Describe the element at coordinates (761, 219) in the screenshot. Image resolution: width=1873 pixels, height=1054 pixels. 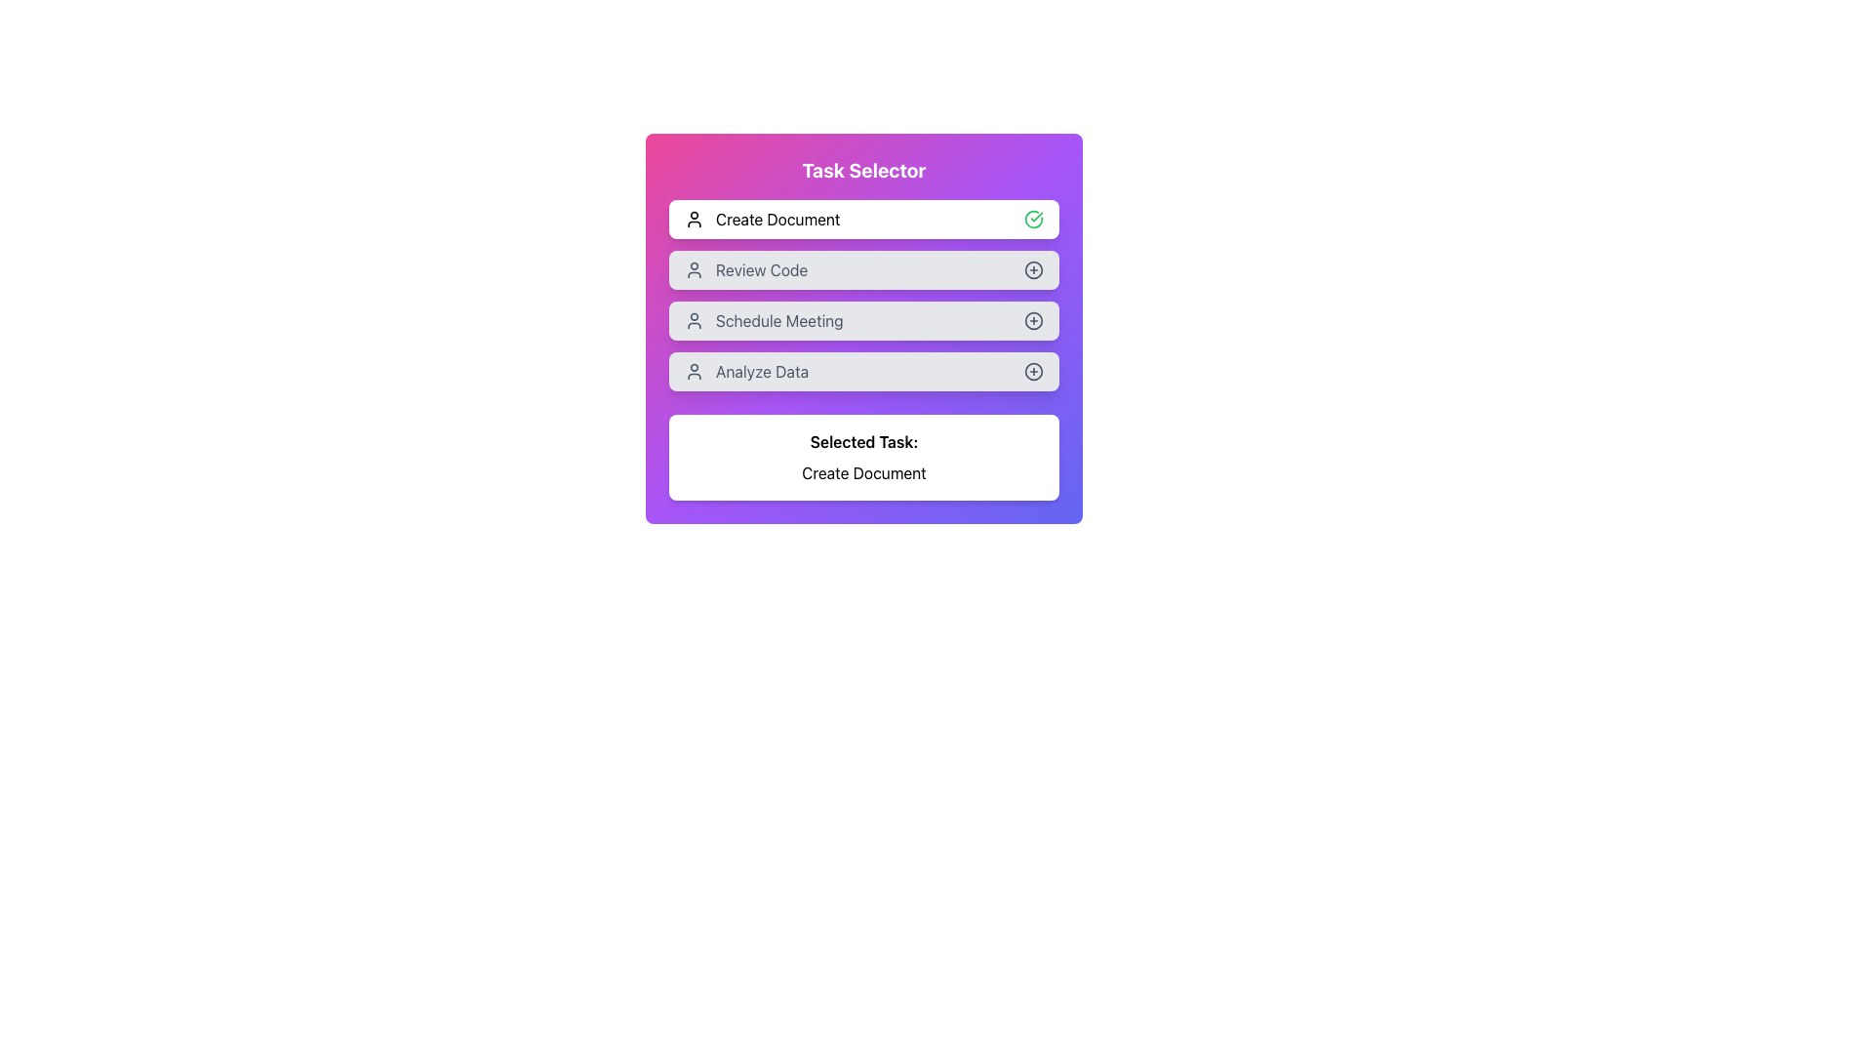
I see `the 'Create Document' text label with a person icon` at that location.